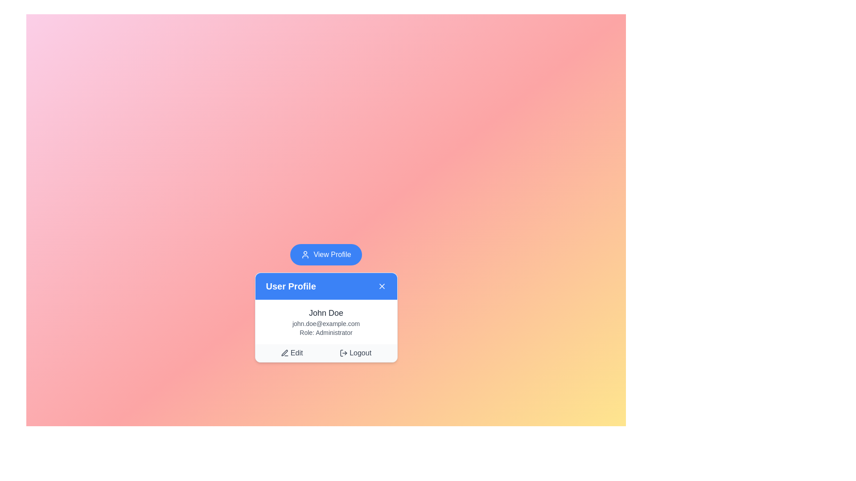 This screenshot has width=856, height=481. Describe the element at coordinates (382, 286) in the screenshot. I see `the 'X' shaped button in the blue header of the user profile card` at that location.